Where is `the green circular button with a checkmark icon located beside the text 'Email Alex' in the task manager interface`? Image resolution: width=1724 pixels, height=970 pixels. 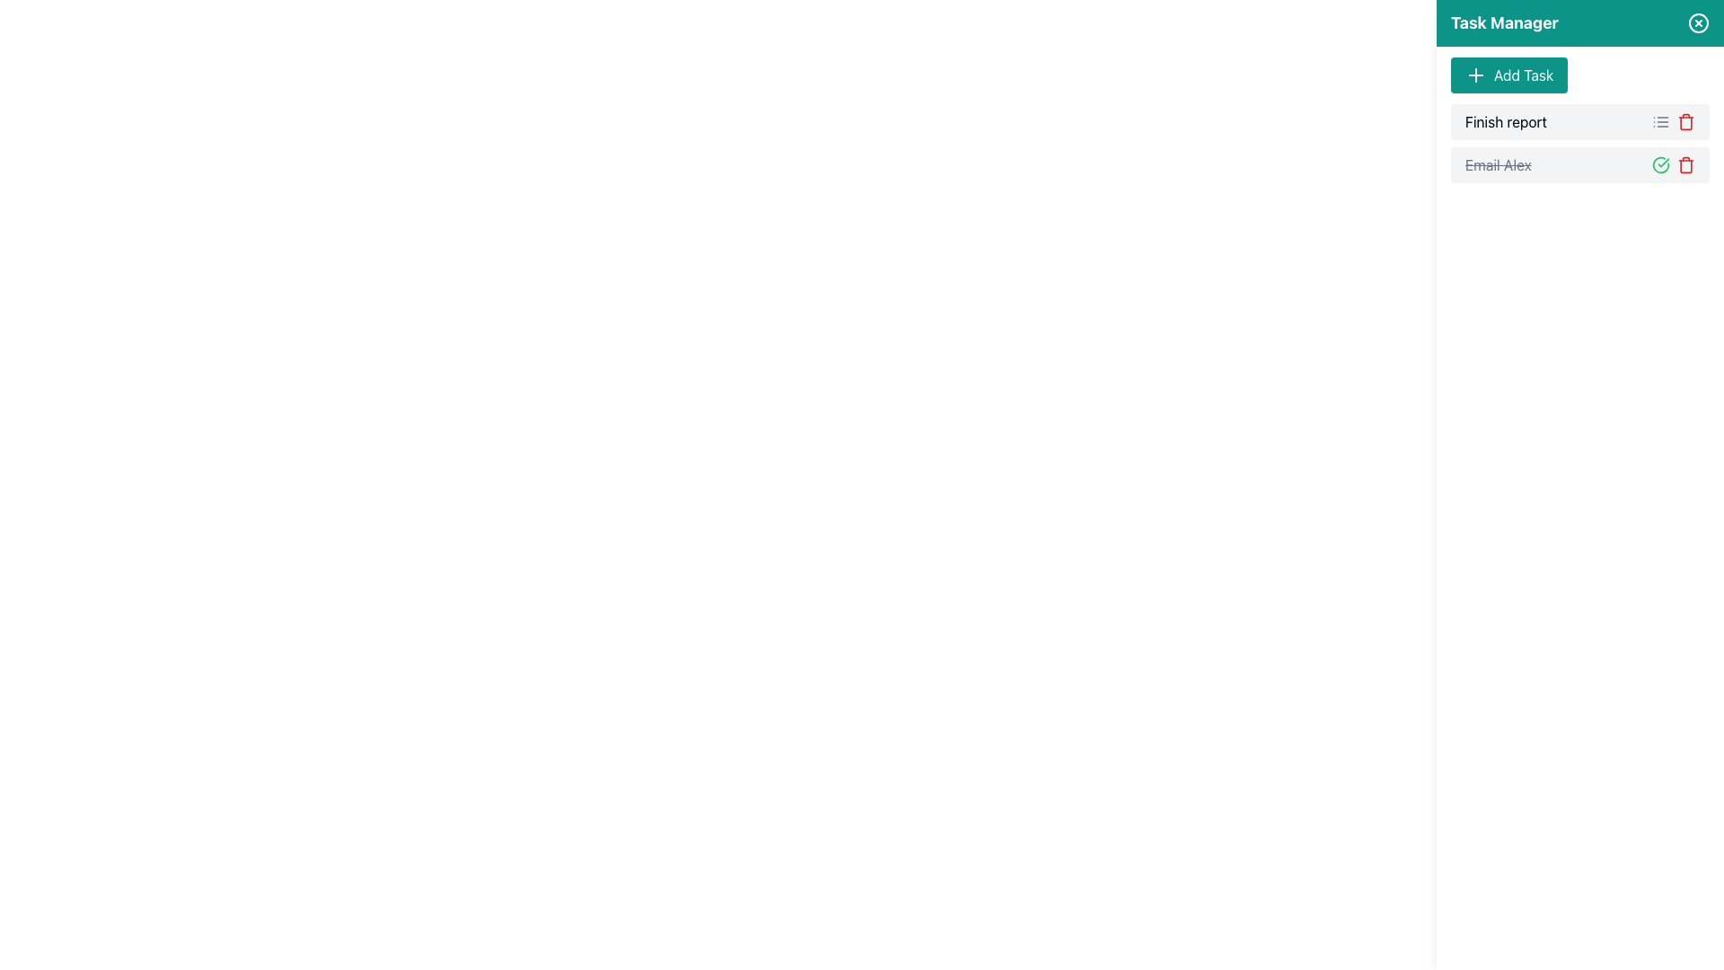 the green circular button with a checkmark icon located beside the text 'Email Alex' in the task manager interface is located at coordinates (1659, 165).